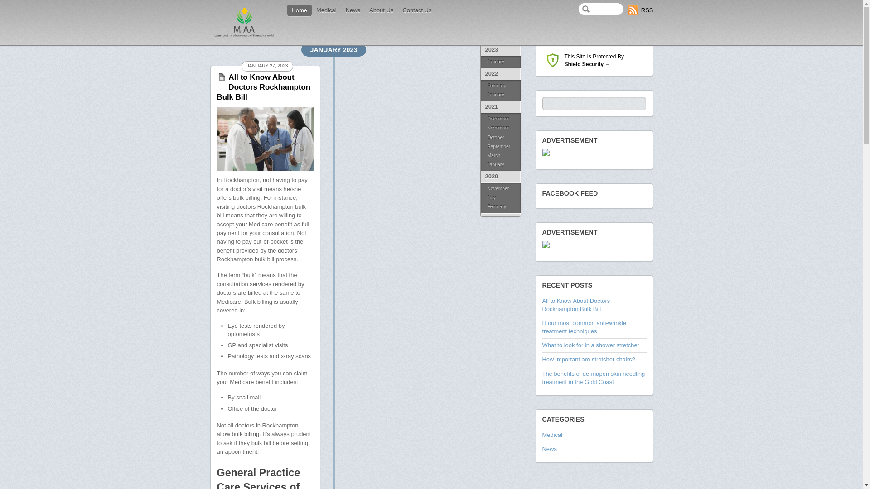 The width and height of the screenshot is (870, 489). Describe the element at coordinates (588, 359) in the screenshot. I see `'How important are stretcher chairs?'` at that location.